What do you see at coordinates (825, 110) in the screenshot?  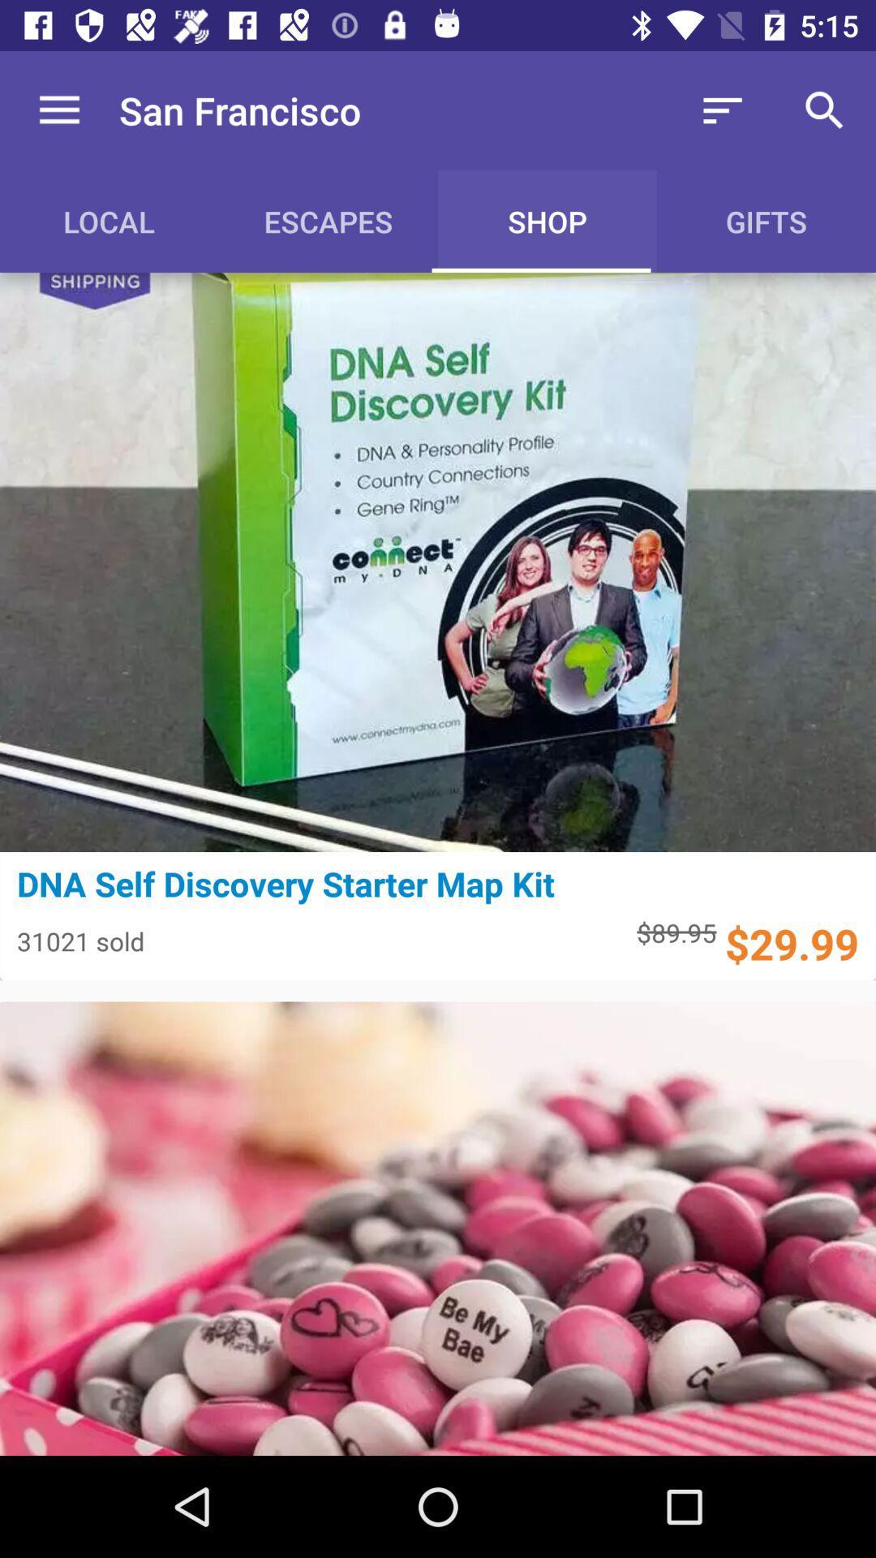 I see `icon above the gifts item` at bounding box center [825, 110].